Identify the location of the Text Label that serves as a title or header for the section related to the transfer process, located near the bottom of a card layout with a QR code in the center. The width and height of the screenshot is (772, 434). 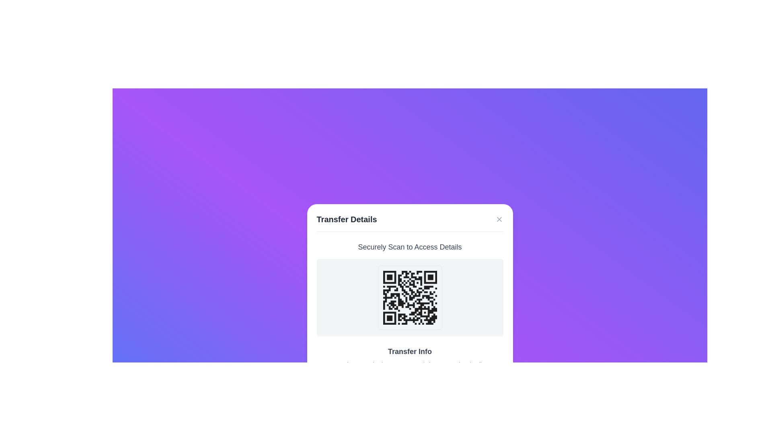
(410, 351).